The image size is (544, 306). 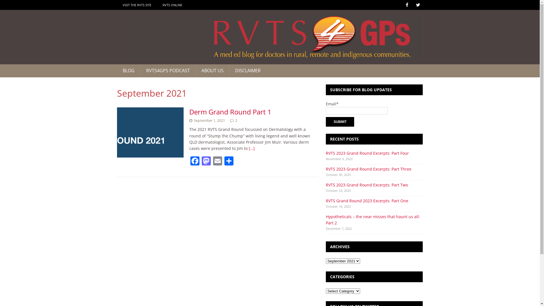 I want to click on 'RVTS ONLINE', so click(x=172, y=5).